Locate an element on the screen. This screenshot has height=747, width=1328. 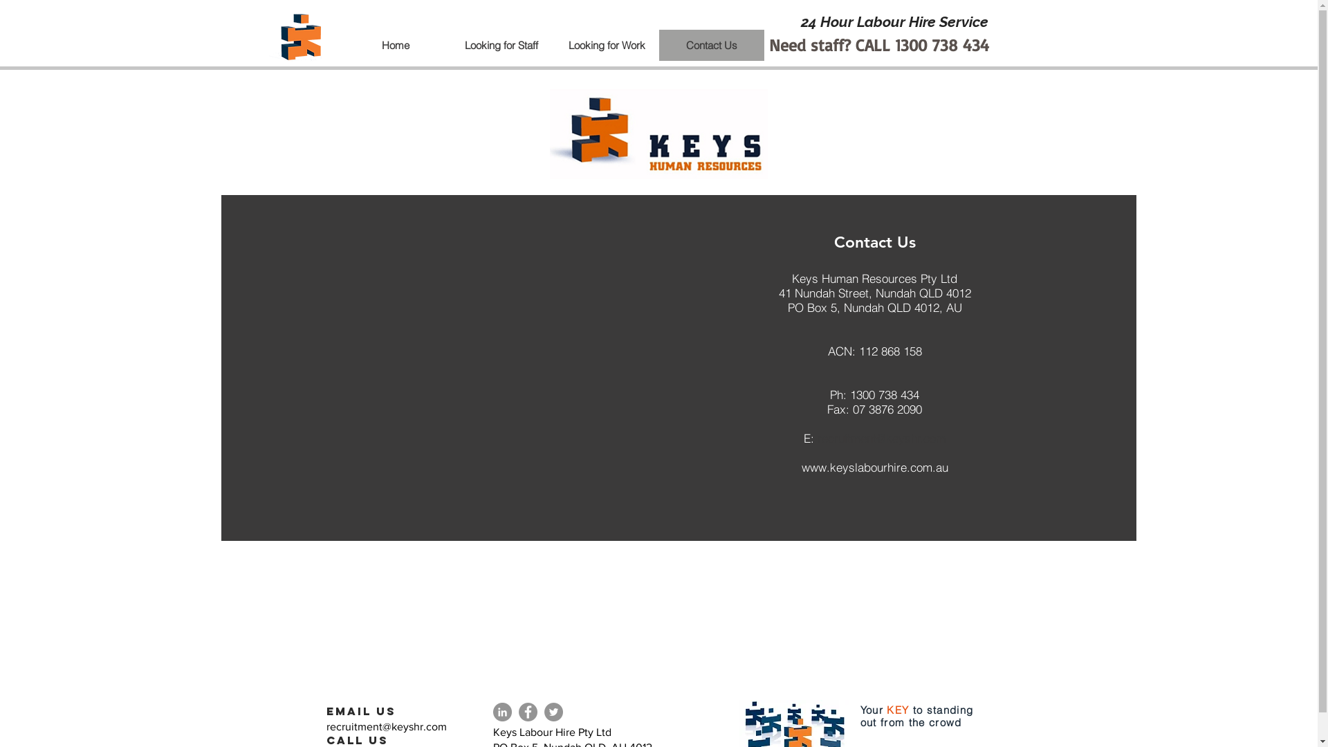
'recruitment@keyshr.com' is located at coordinates (386, 726).